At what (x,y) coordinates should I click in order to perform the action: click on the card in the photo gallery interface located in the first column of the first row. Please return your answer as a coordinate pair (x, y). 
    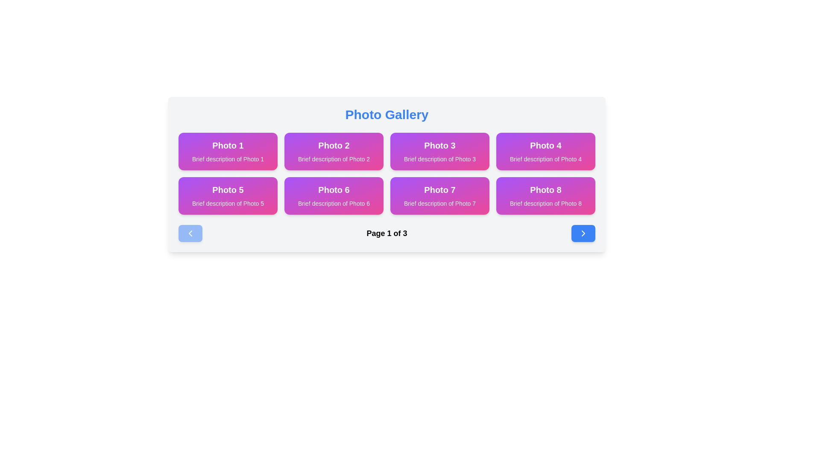
    Looking at the image, I should click on (228, 151).